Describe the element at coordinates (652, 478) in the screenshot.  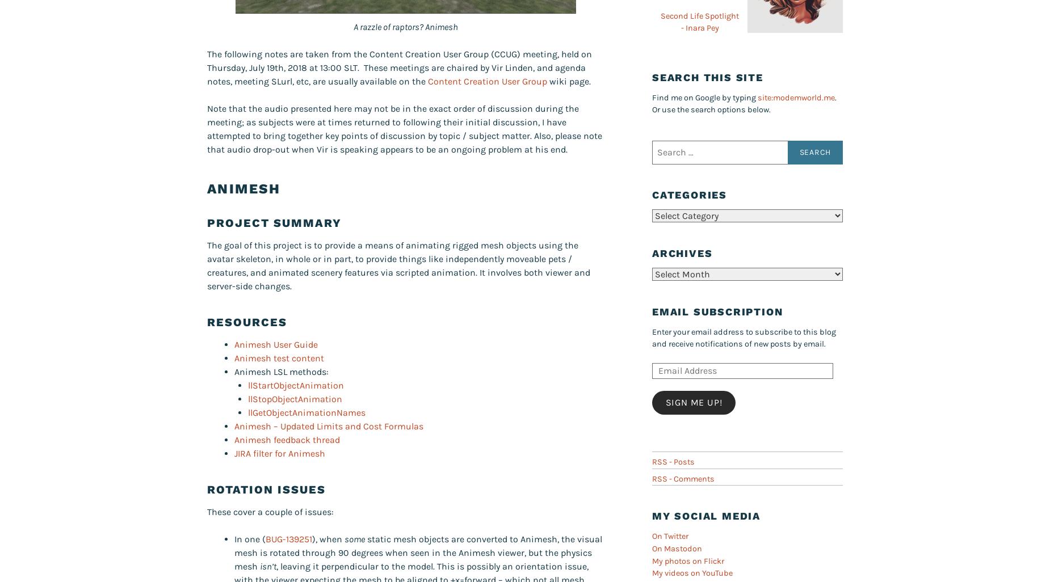
I see `'RSS - Comments'` at that location.